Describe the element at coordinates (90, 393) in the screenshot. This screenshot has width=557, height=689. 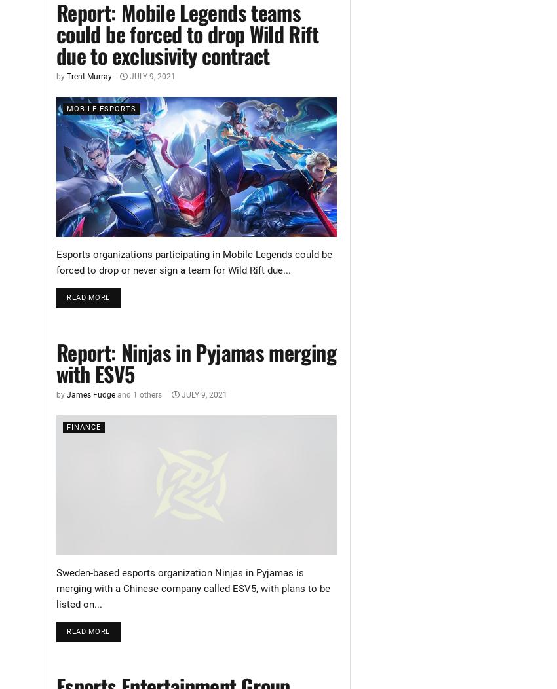
I see `'James Fudge'` at that location.